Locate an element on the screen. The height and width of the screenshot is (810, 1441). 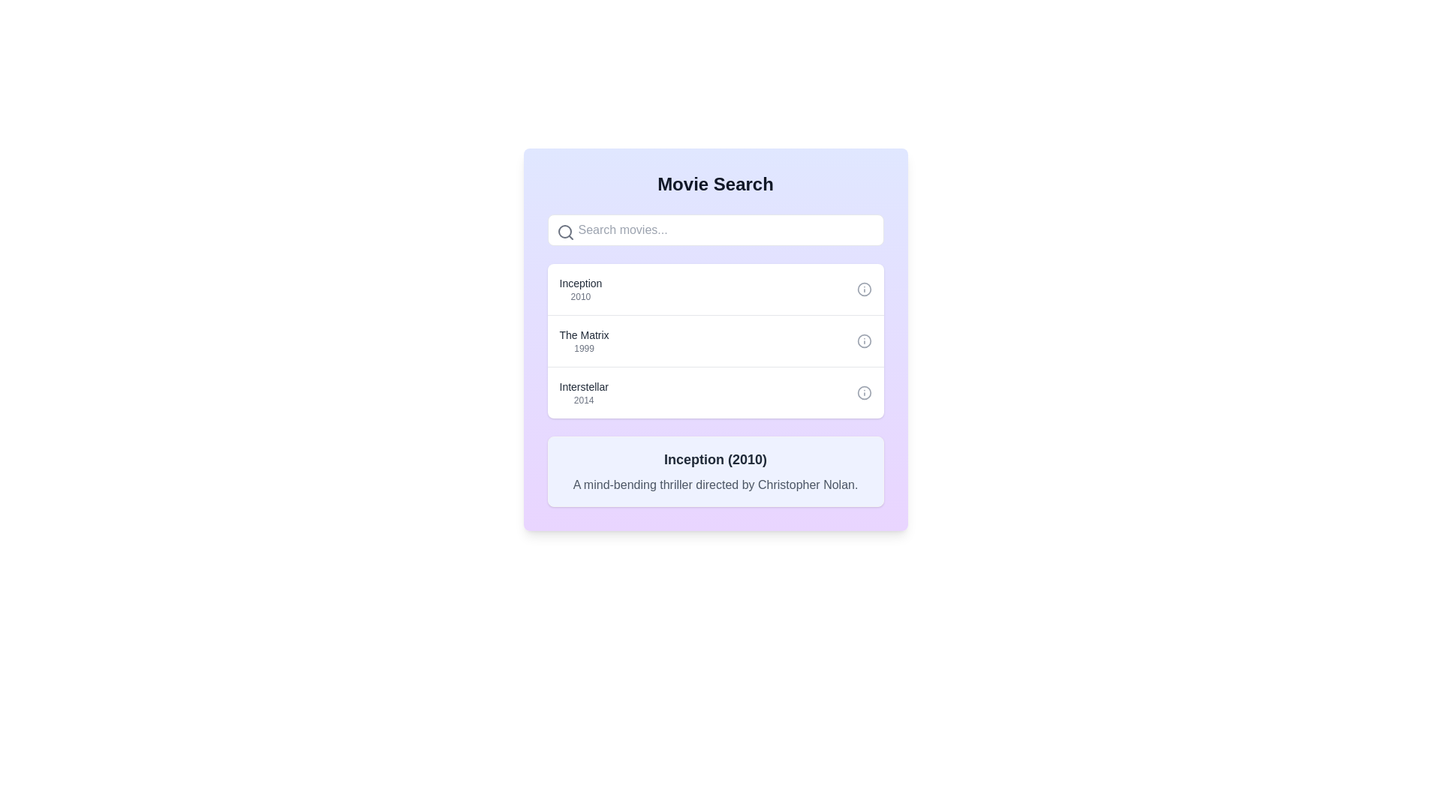
the first list item displaying the text 'Inception' with the subtitle '2010' in a vertical list of movie items is located at coordinates (579, 289).